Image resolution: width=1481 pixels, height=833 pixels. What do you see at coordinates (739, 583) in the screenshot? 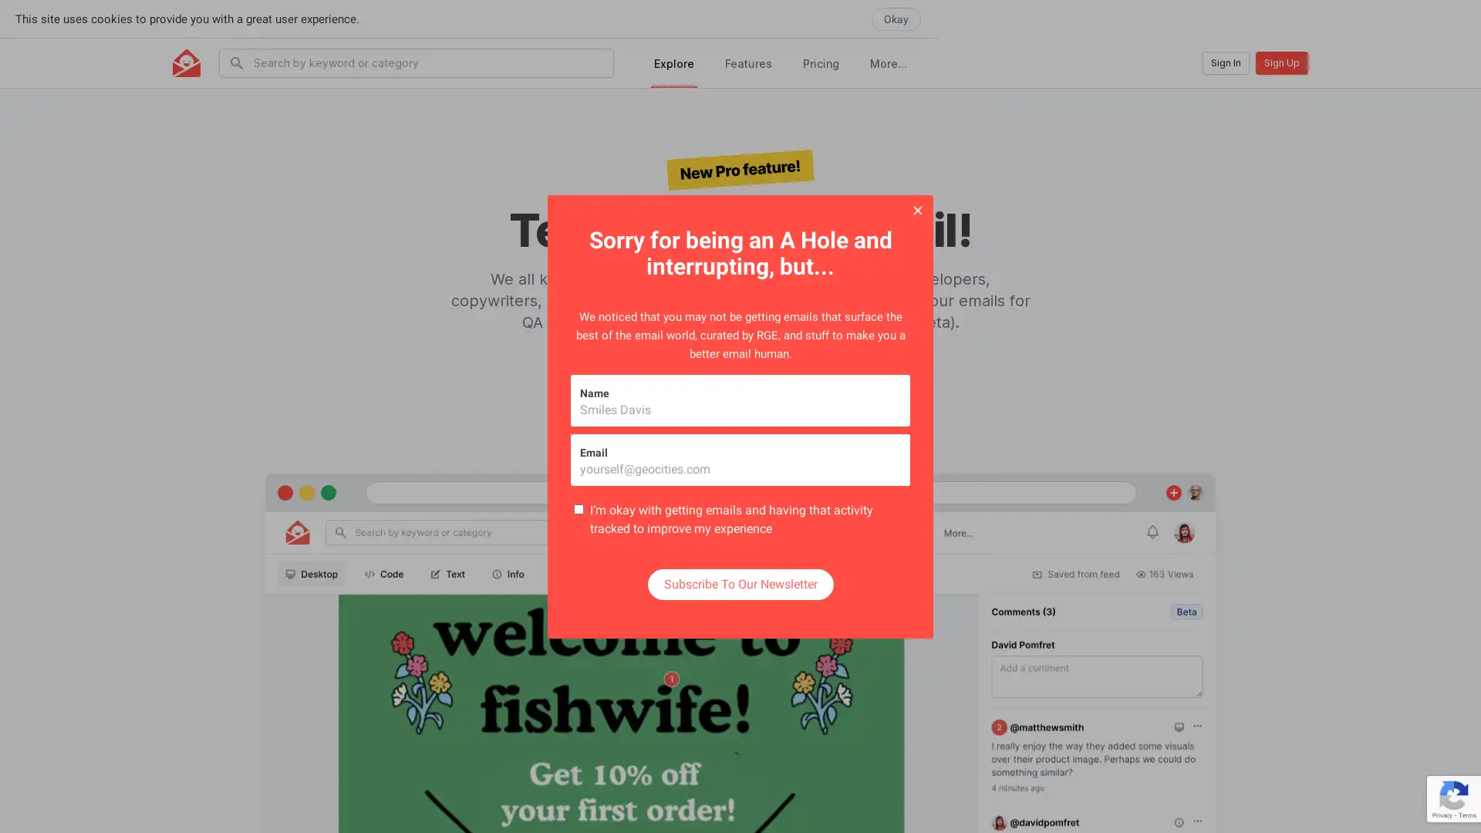
I see `Subscribe To Our Newsletter` at bounding box center [739, 583].